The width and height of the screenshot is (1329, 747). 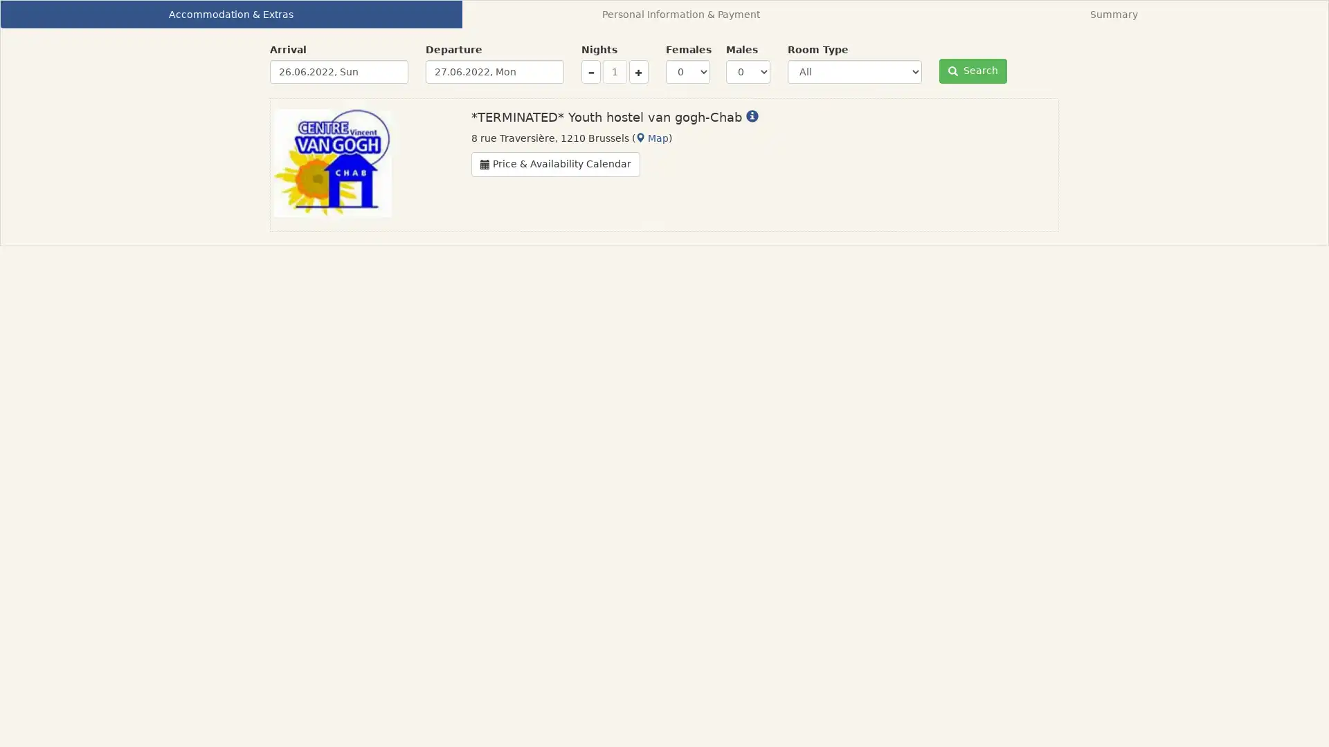 I want to click on Search, so click(x=973, y=71).